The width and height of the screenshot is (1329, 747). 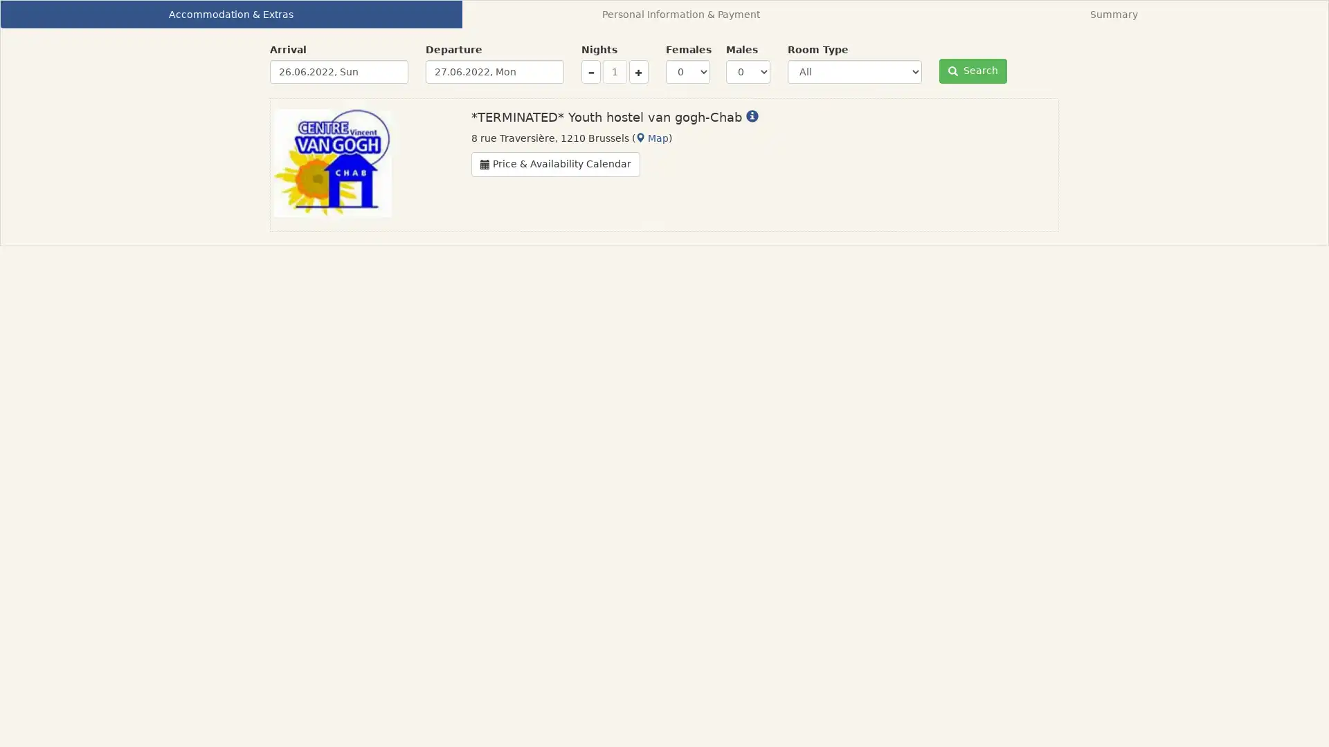 I want to click on Search, so click(x=973, y=71).